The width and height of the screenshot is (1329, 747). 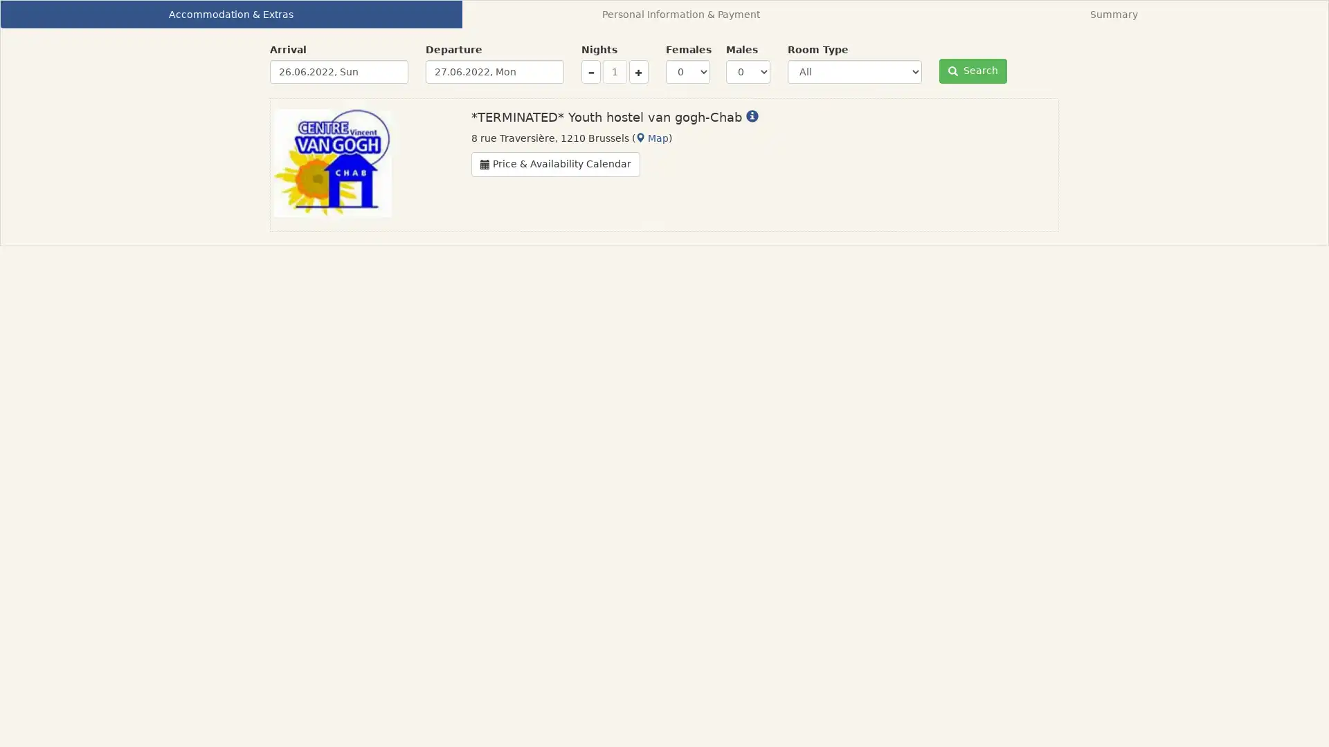 I want to click on Search, so click(x=973, y=71).